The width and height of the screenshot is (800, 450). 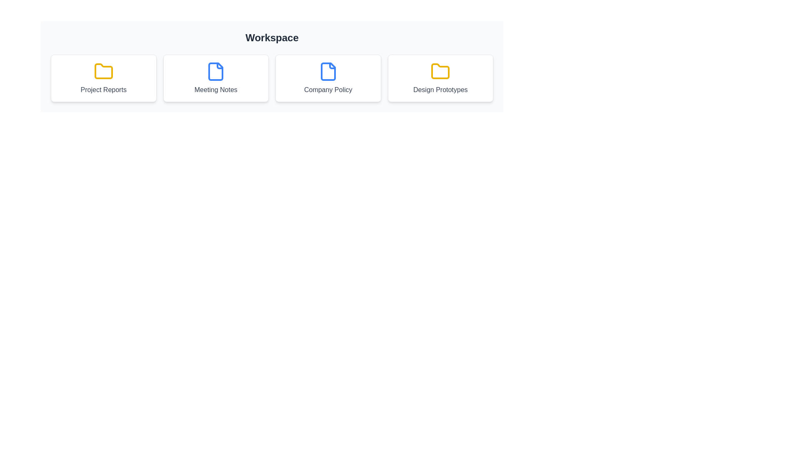 What do you see at coordinates (327, 71) in the screenshot?
I see `the file icon that represents a digital file, located under the text 'Meeting Notes' and positioned second from the left in the row of items` at bounding box center [327, 71].